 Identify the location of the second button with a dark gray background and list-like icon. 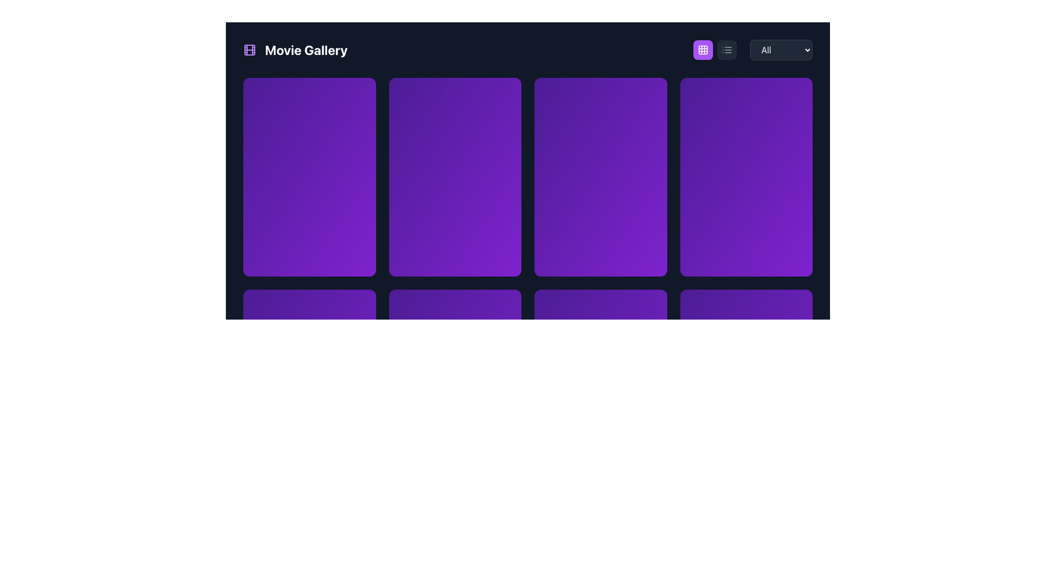
(727, 50).